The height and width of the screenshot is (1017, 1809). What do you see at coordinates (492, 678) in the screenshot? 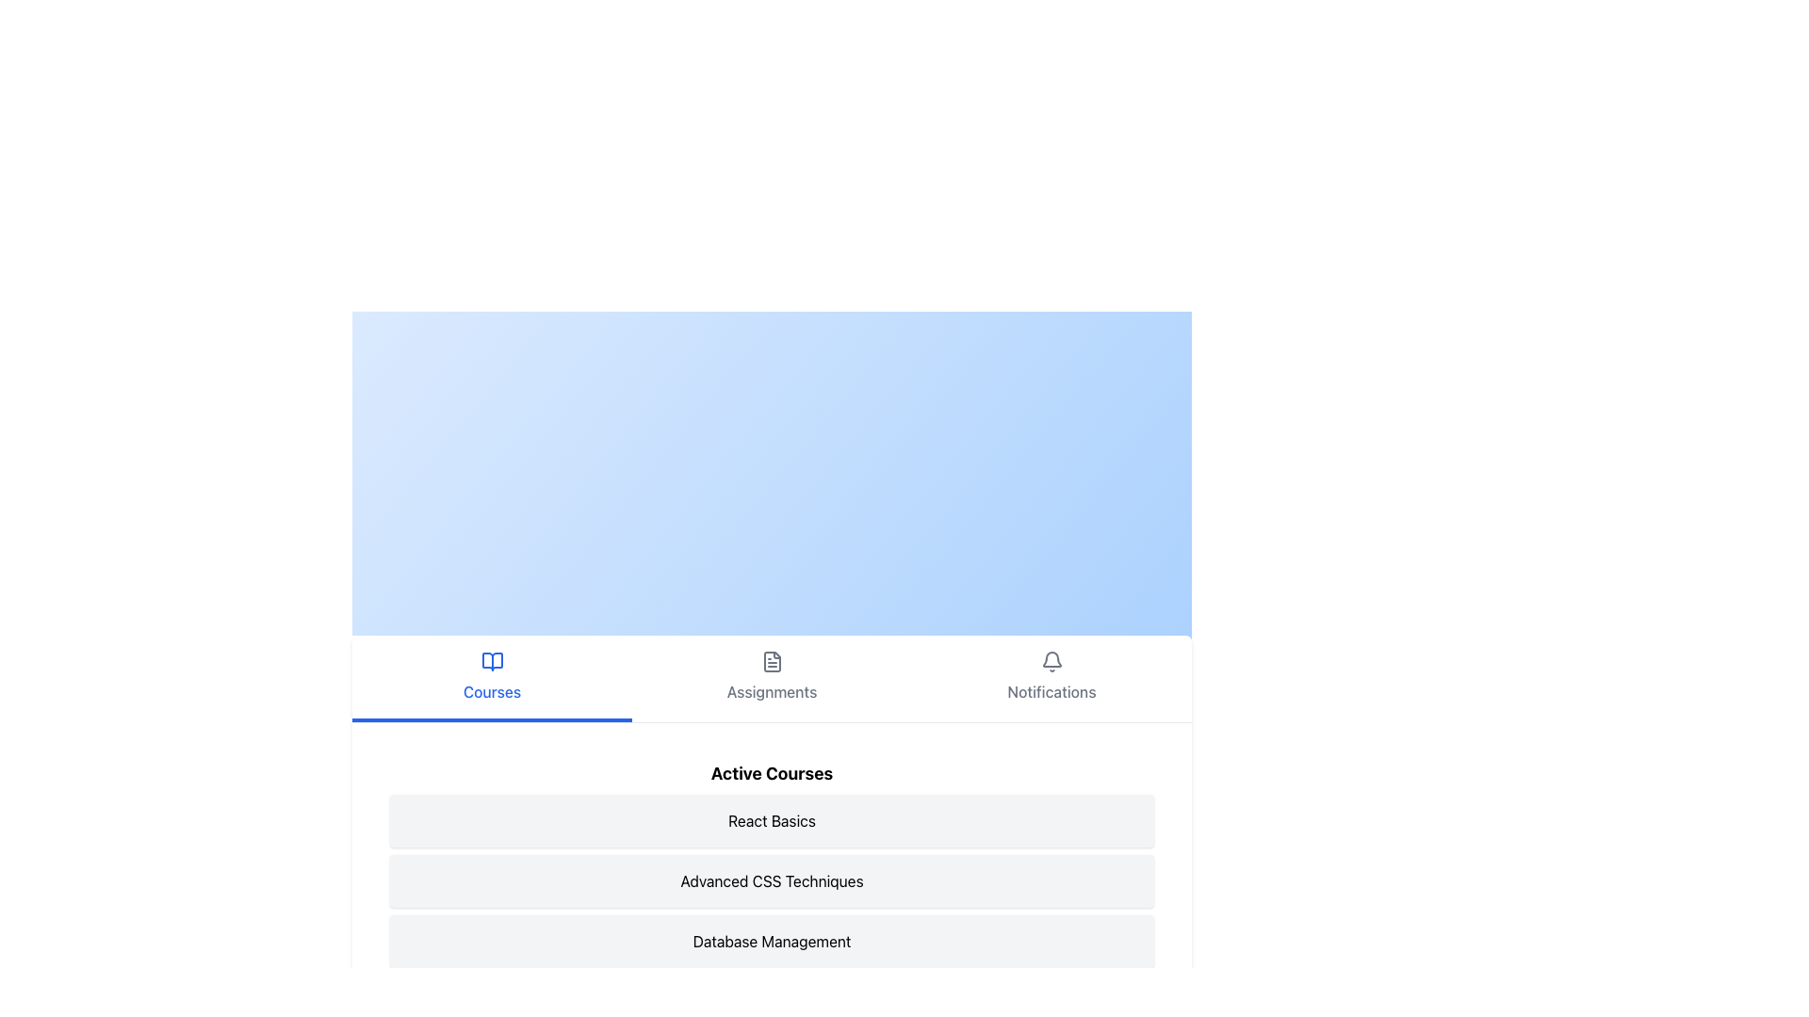
I see `the 'Courses' button, which is the first button in a horizontal menu set at the bottom of the page's top section, featuring an open book icon and a blue underline` at bounding box center [492, 678].